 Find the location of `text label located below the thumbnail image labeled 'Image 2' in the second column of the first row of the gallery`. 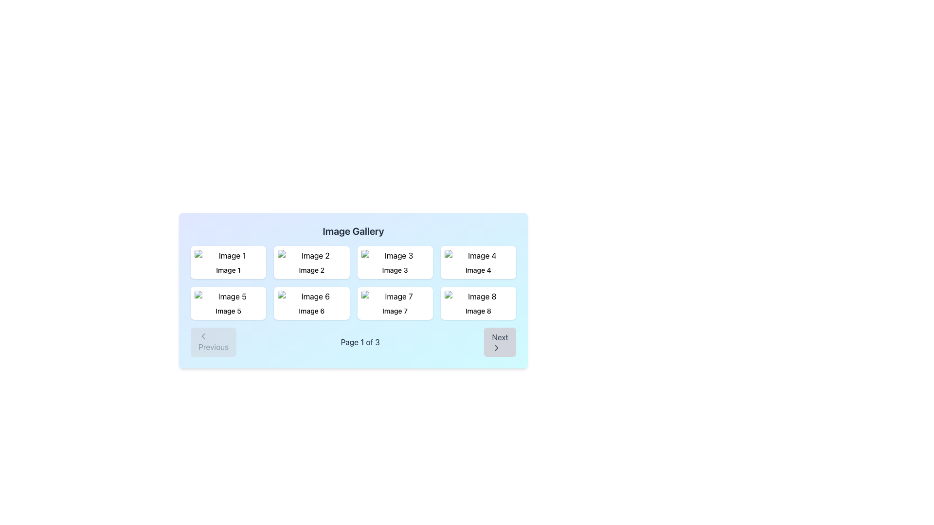

text label located below the thumbnail image labeled 'Image 2' in the second column of the first row of the gallery is located at coordinates (311, 270).